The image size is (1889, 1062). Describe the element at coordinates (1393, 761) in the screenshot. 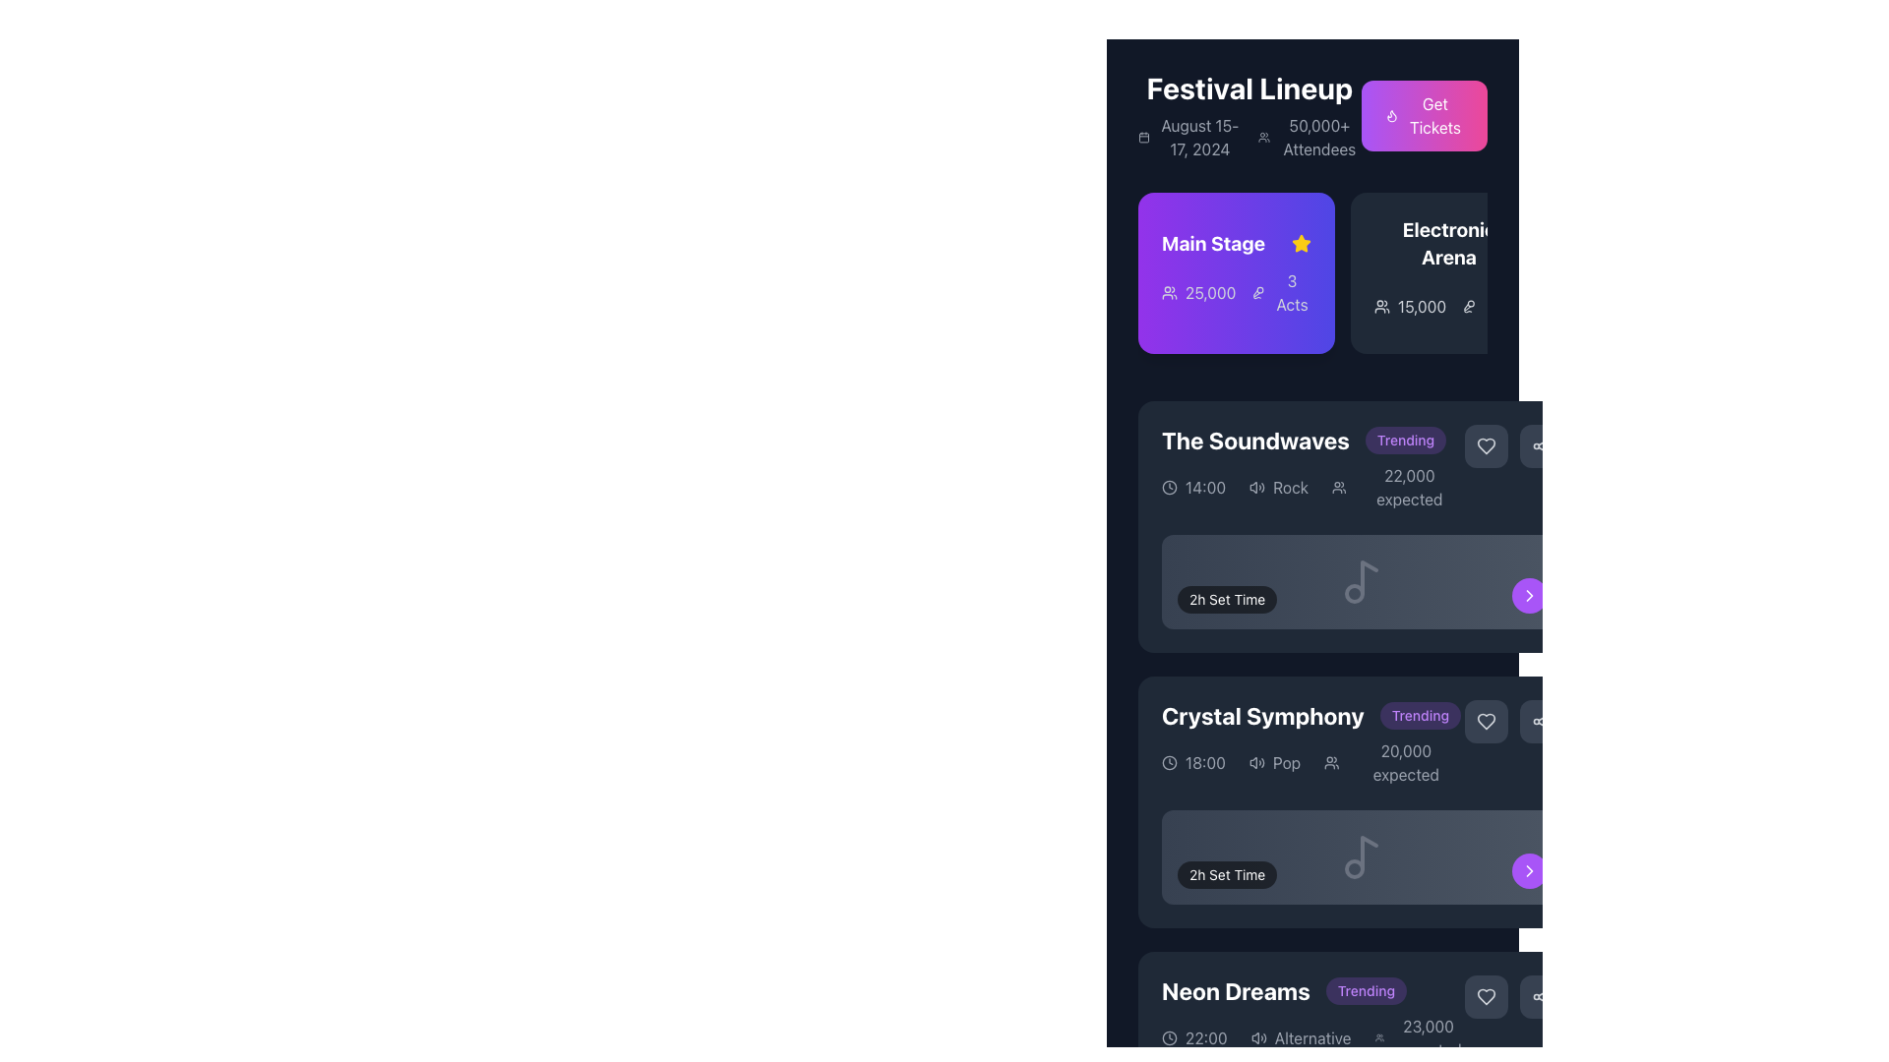

I see `the text label indicating the expected number of attendees for the 'Crystal Symphony' event, which is located beneath the event time and genre information, and to the left of the heart symbol button` at that location.